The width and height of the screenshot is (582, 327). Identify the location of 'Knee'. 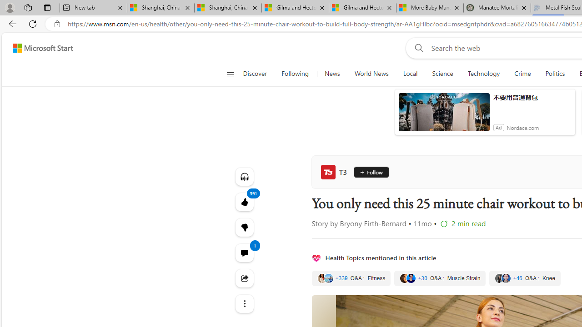
(525, 278).